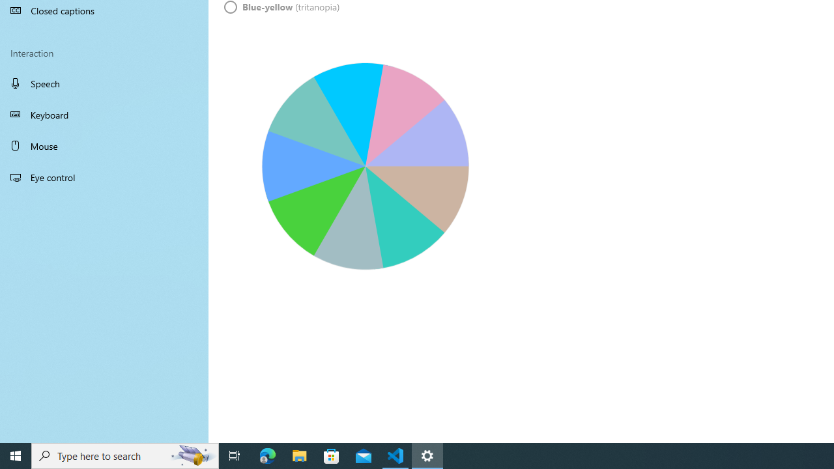 The image size is (834, 469). I want to click on 'Eye control', so click(104, 177).